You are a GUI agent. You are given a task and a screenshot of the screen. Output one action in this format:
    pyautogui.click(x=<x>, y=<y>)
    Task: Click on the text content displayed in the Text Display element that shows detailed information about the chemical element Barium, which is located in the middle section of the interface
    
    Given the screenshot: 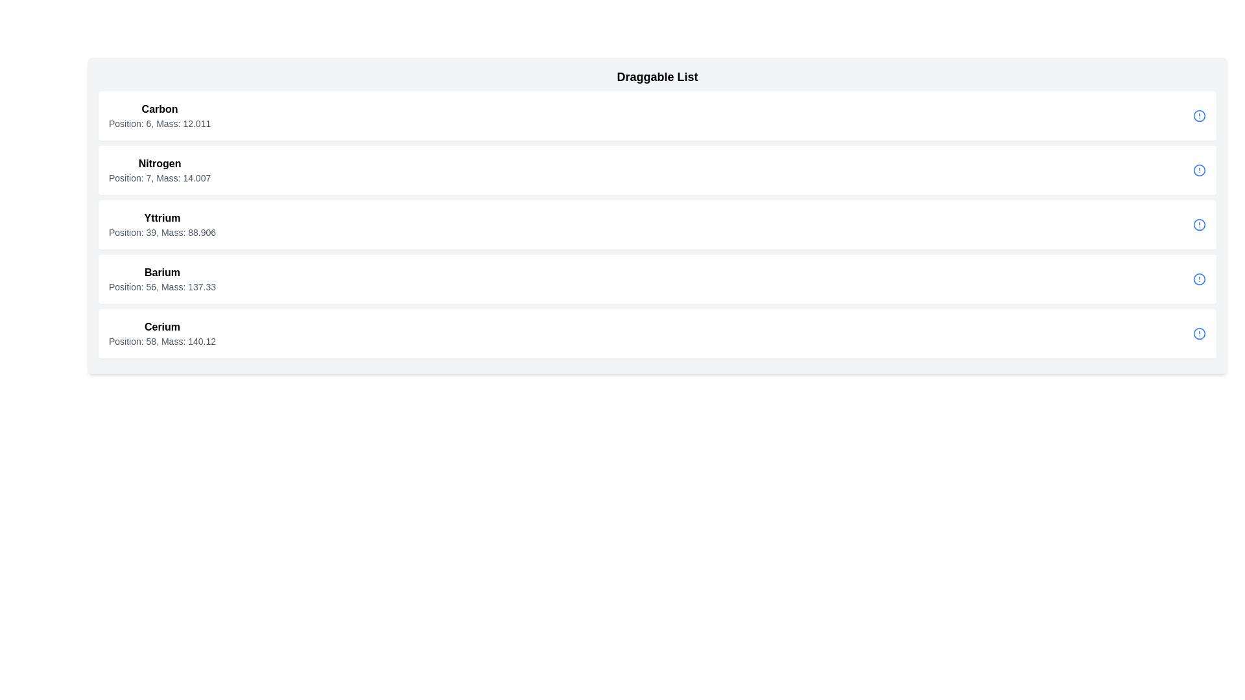 What is the action you would take?
    pyautogui.click(x=161, y=286)
    